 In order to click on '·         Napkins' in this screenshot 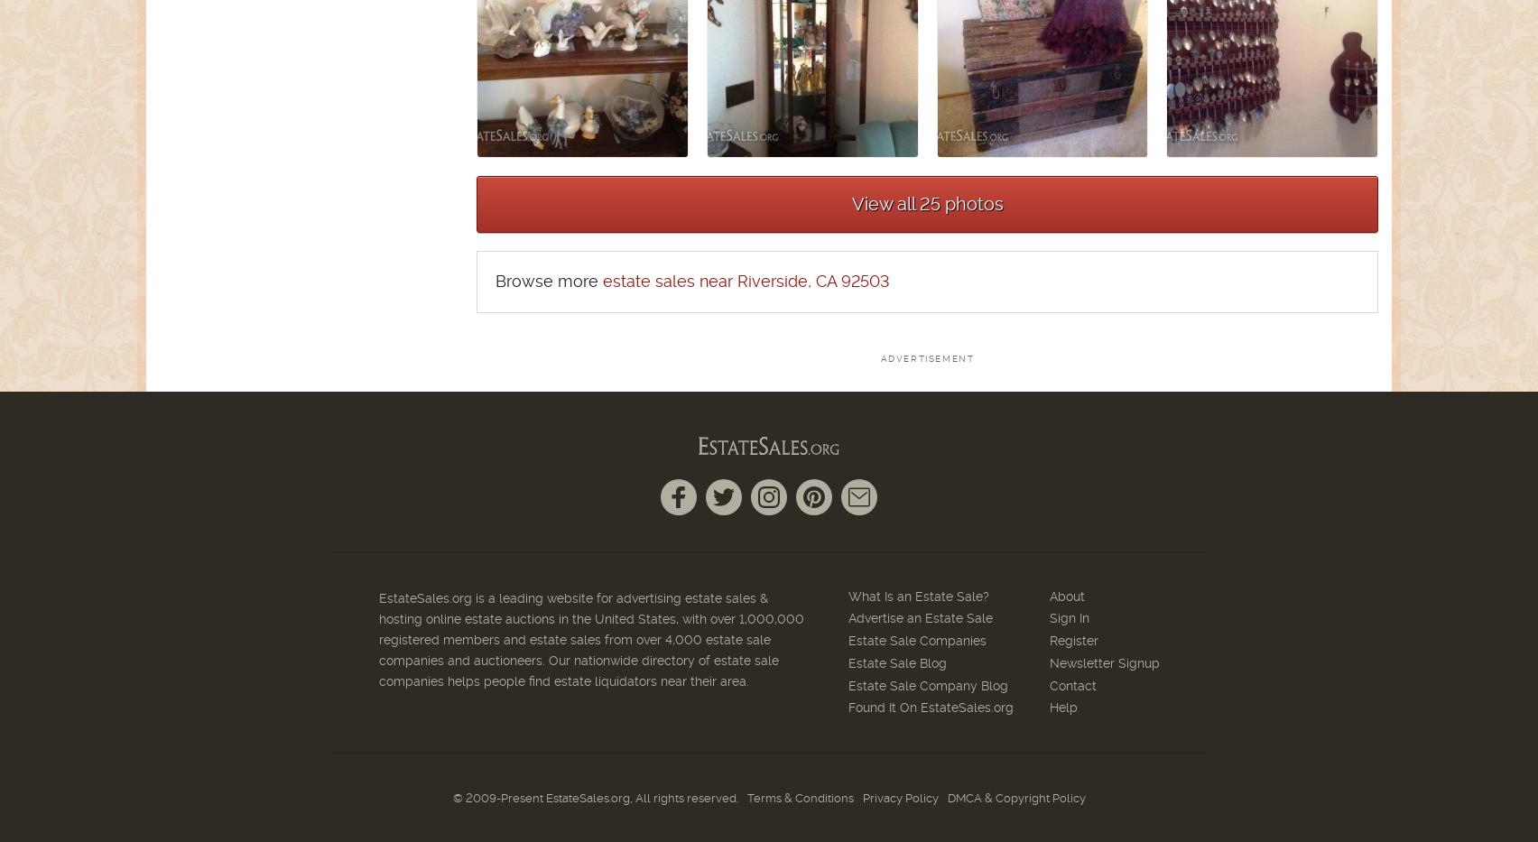, I will do `click(174, 222)`.